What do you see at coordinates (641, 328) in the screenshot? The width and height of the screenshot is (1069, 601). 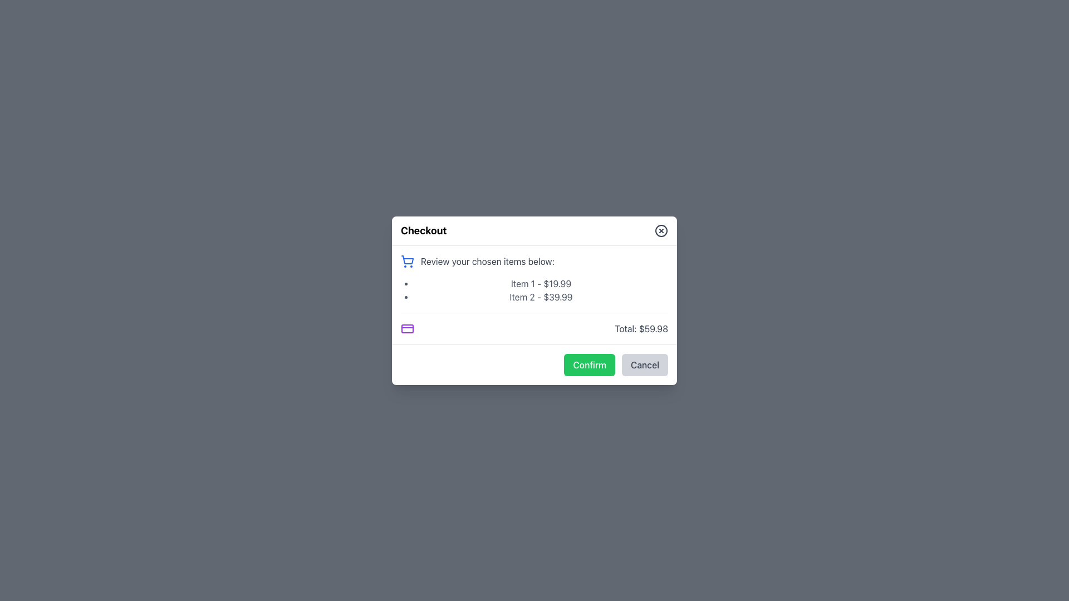 I see `the static text label displaying 'Total: $59.98' in dark gray, located at the bottom-right of the dialog box` at bounding box center [641, 328].